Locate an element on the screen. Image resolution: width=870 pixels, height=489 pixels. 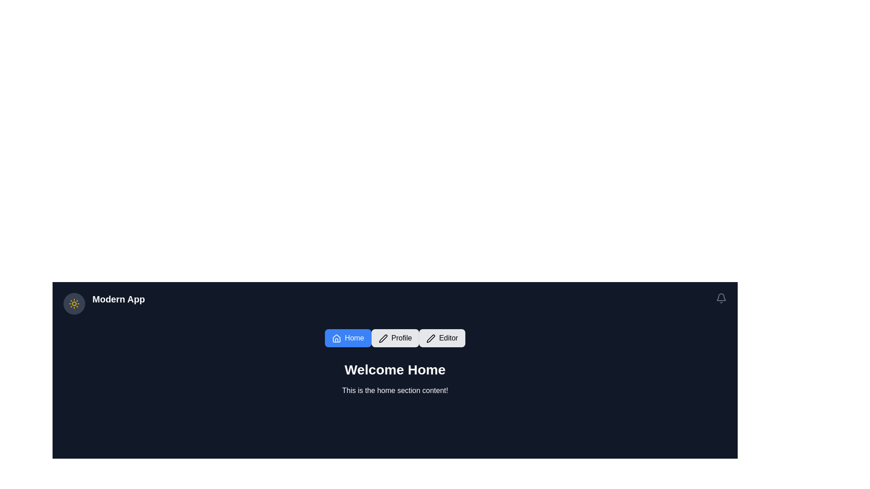
the navigation button at the top section of the main content area is located at coordinates (348, 338).